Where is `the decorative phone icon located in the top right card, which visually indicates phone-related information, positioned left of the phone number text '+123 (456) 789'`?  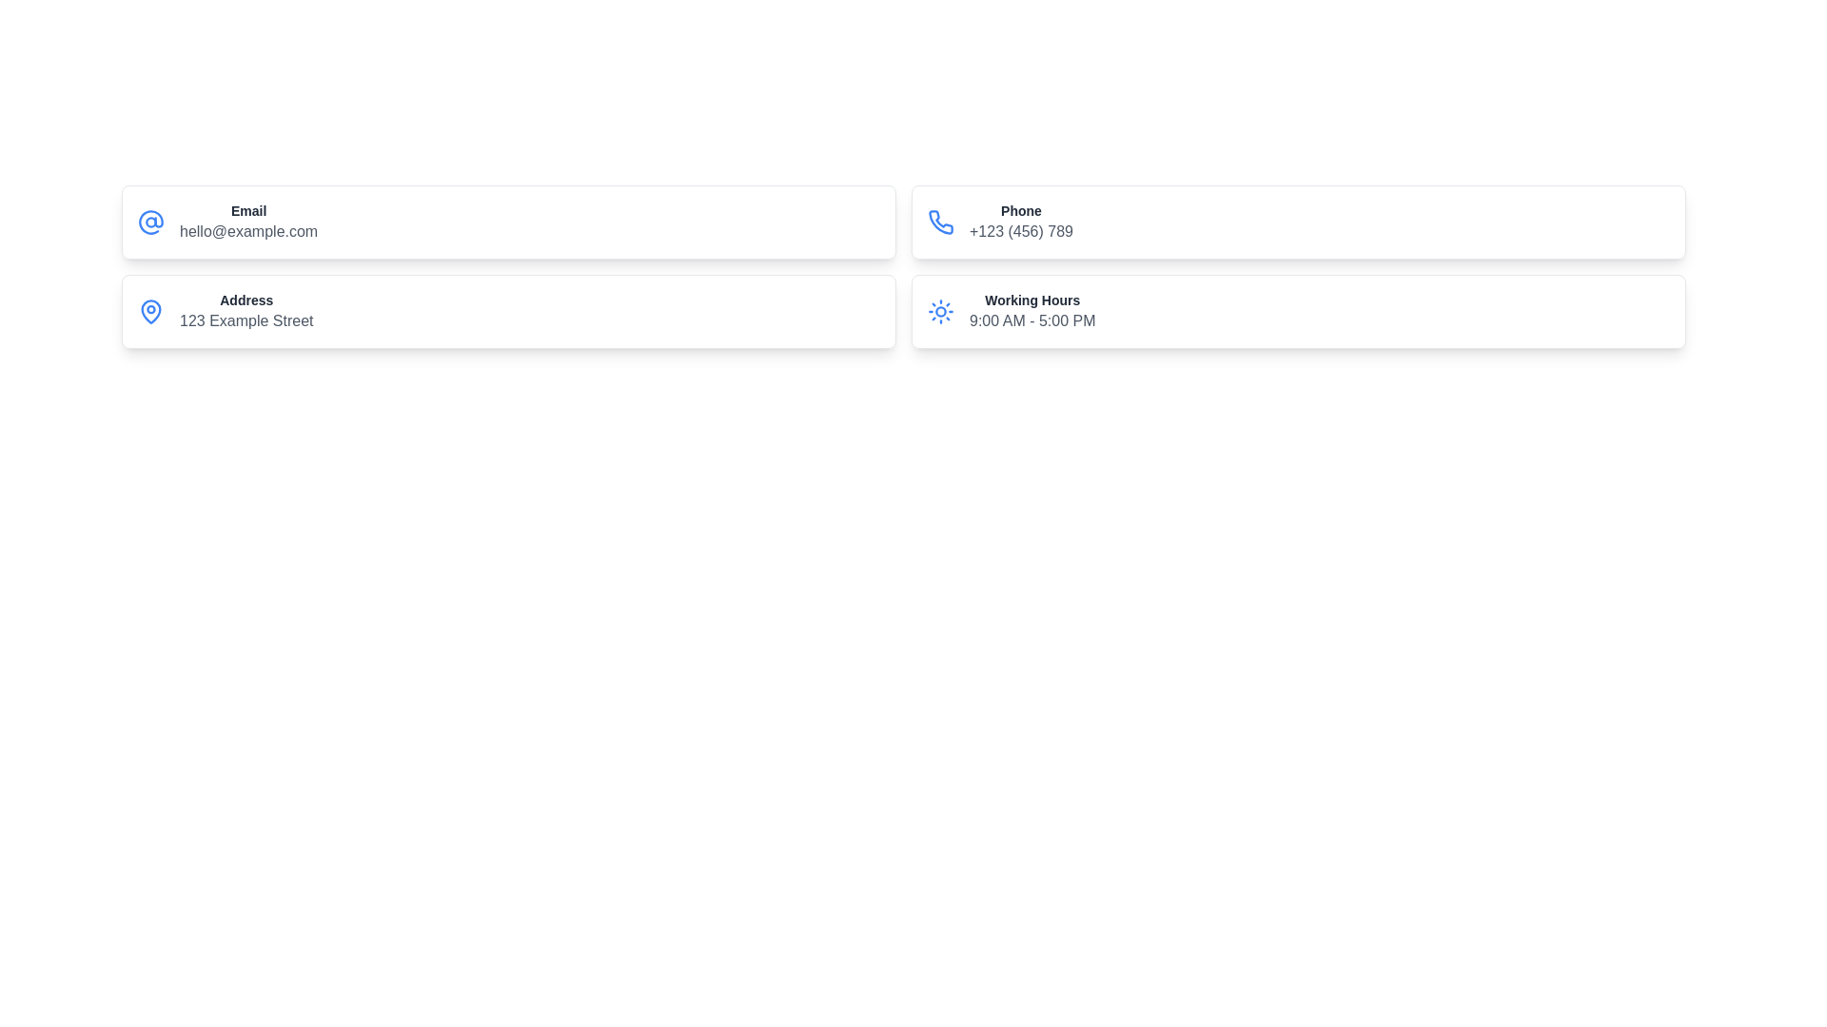 the decorative phone icon located in the top right card, which visually indicates phone-related information, positioned left of the phone number text '+123 (456) 789' is located at coordinates (940, 221).